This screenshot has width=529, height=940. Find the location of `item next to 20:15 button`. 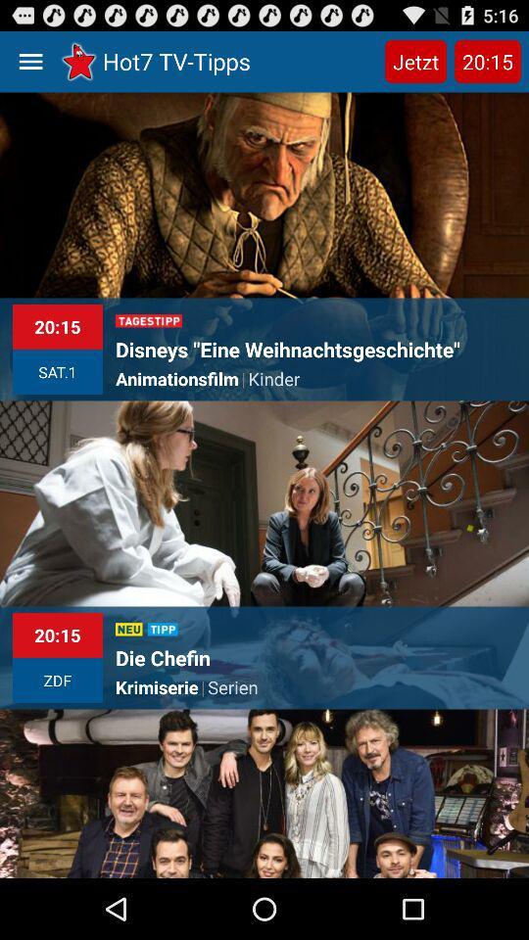

item next to 20:15 button is located at coordinates (414, 61).